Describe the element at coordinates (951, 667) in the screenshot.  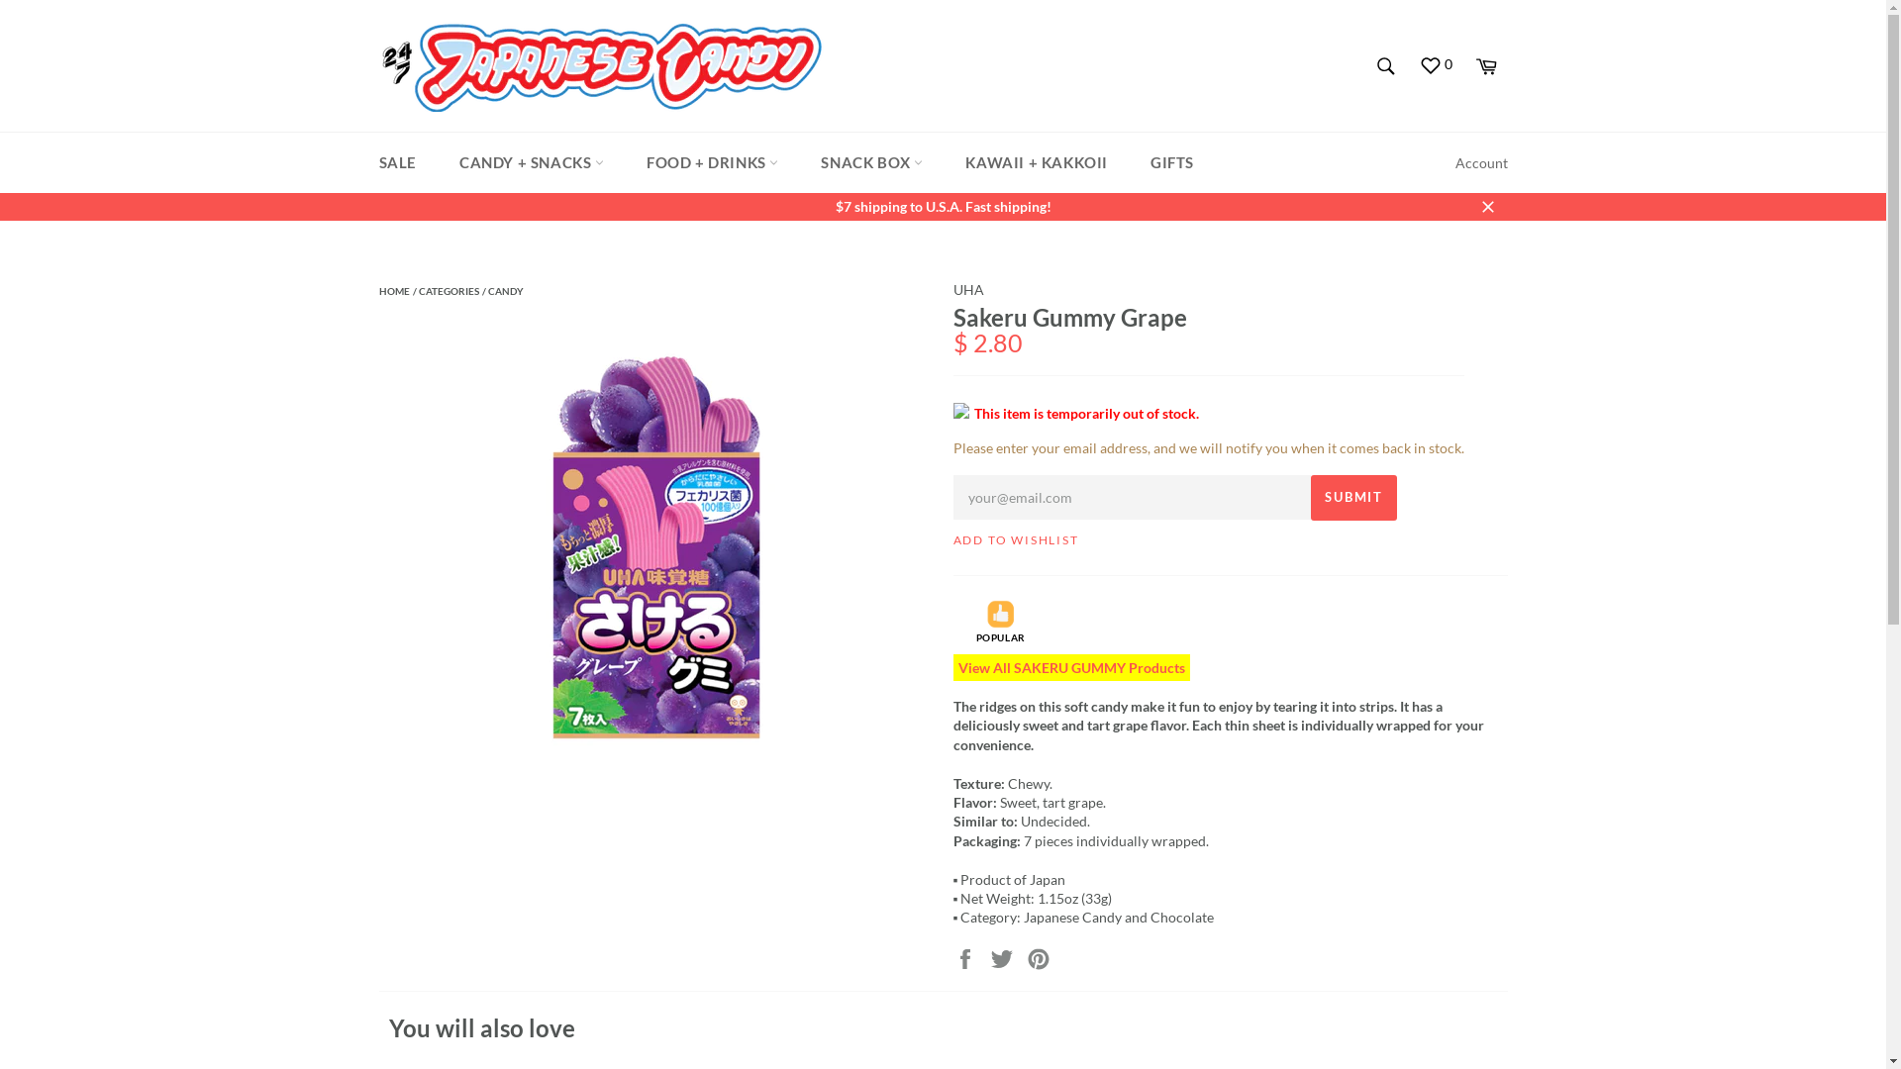
I see `'View All SAKERU GUMMY Products'` at that location.